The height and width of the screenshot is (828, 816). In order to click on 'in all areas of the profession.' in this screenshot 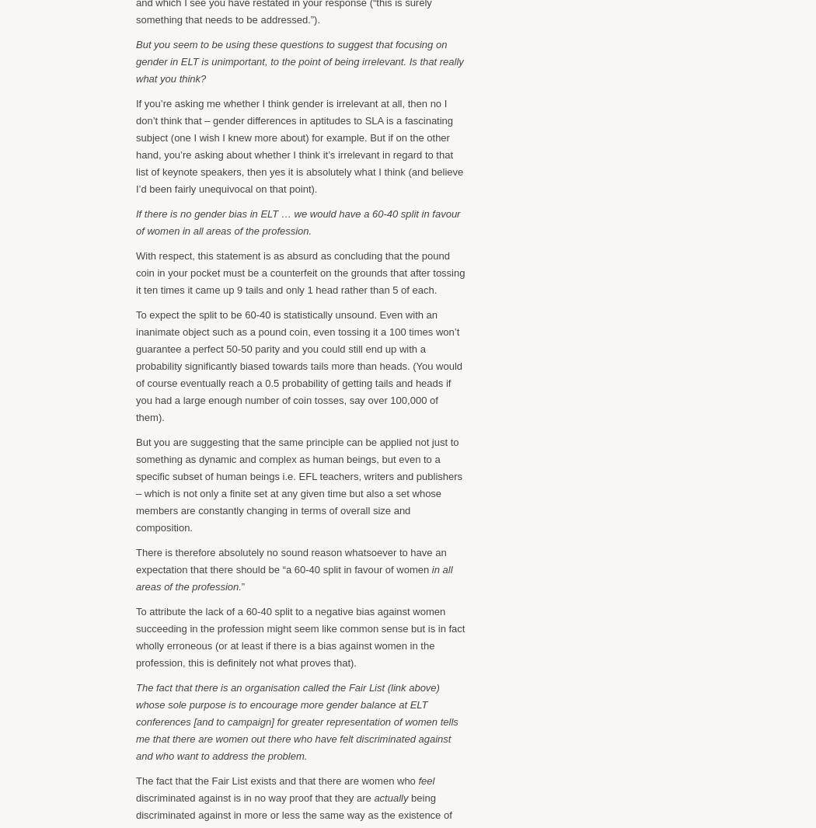, I will do `click(294, 576)`.